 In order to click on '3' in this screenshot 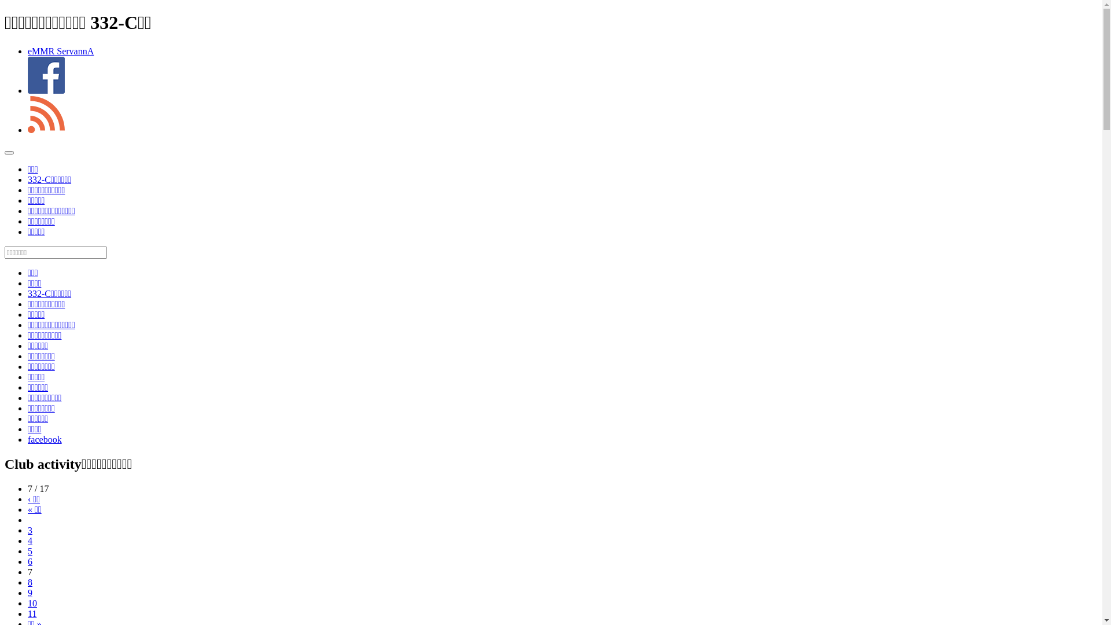, I will do `click(30, 530)`.